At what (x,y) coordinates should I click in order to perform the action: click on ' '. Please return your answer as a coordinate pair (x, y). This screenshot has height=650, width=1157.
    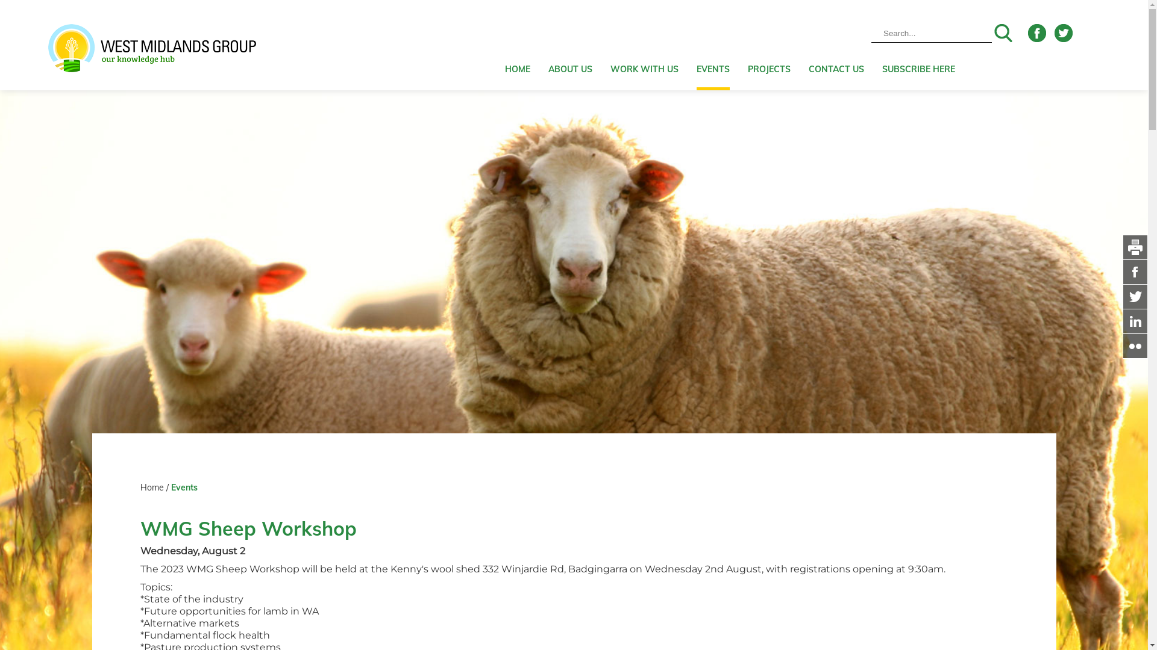
    Looking at the image, I should click on (1134, 296).